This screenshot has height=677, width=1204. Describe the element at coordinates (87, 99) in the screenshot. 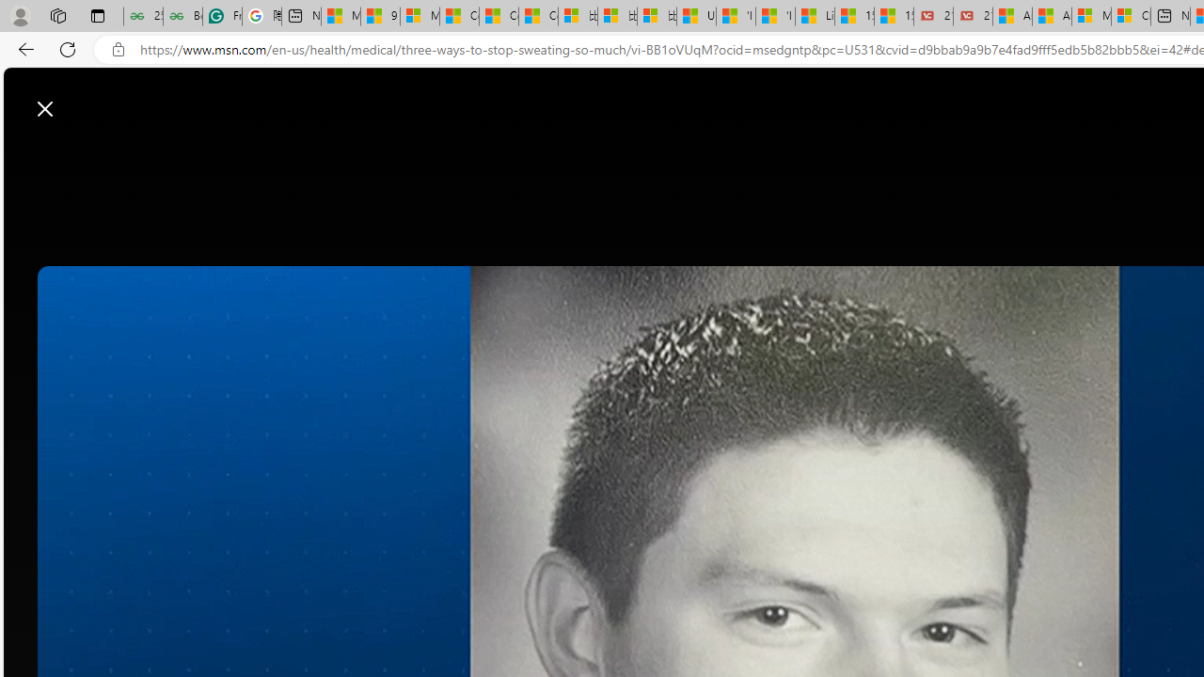

I see `'Microsoft Start'` at that location.